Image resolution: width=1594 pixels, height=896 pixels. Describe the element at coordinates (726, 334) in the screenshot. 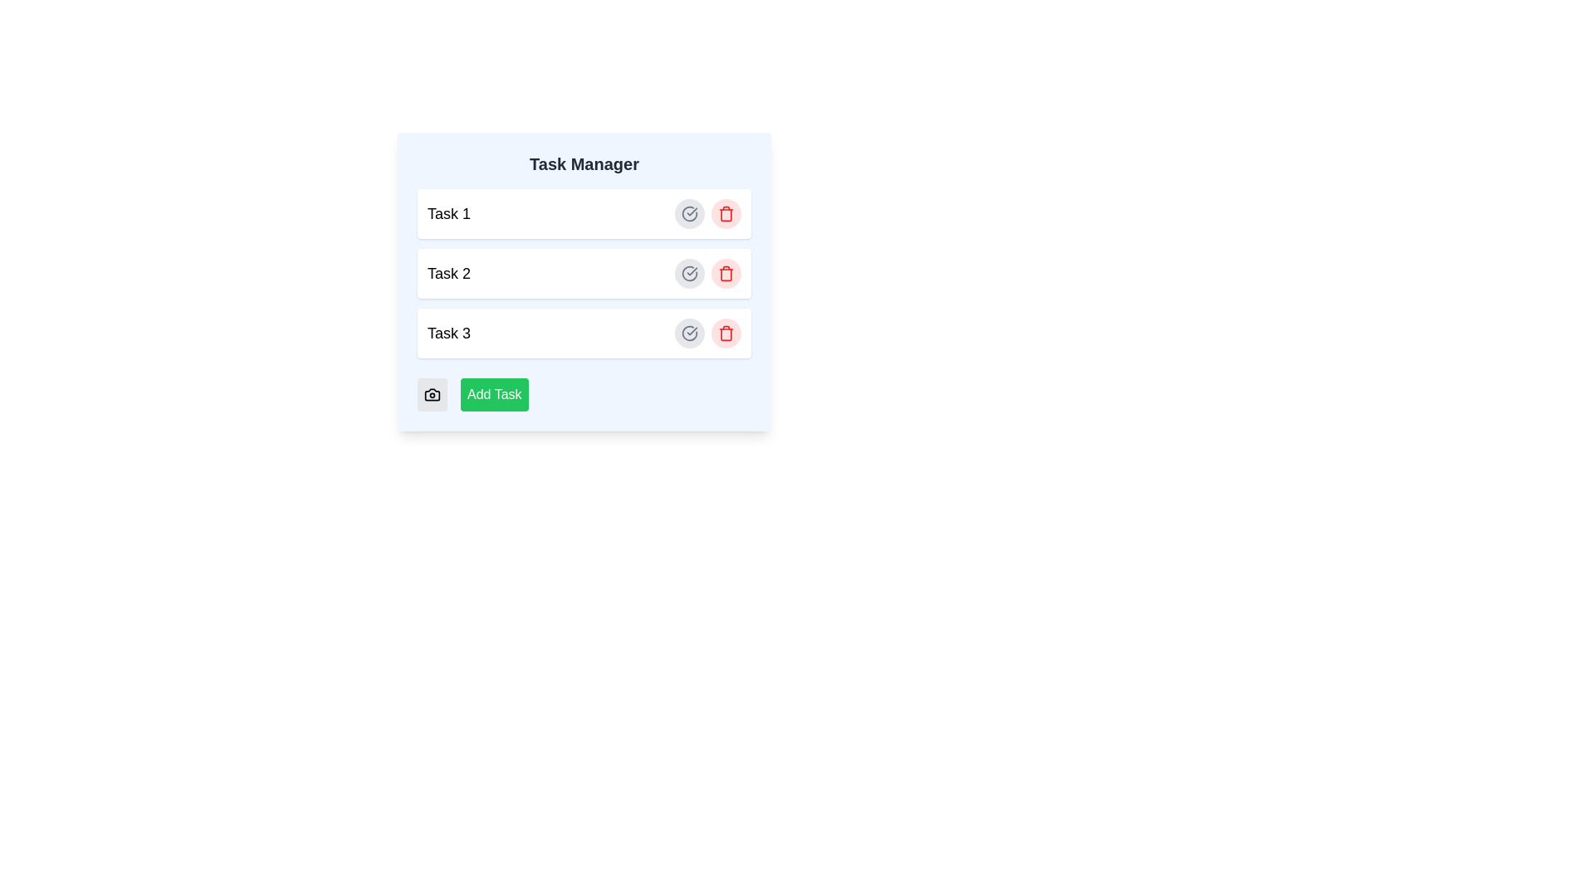

I see `the red-colored trash bin icon, which is part of the delete action for the last task ('Task 3') in the task management interface` at that location.